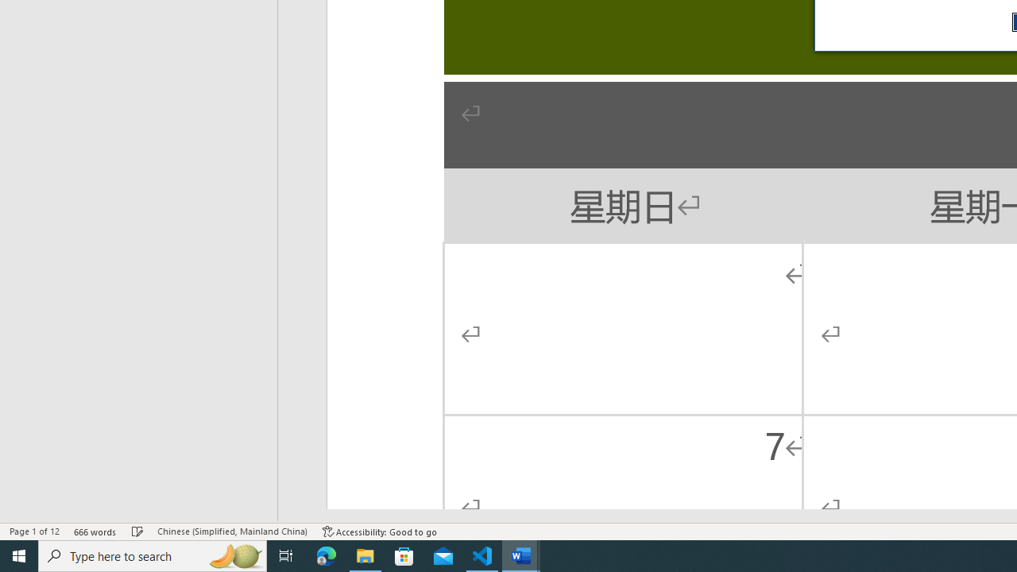 The height and width of the screenshot is (572, 1017). I want to click on 'Microsoft Store', so click(404, 555).